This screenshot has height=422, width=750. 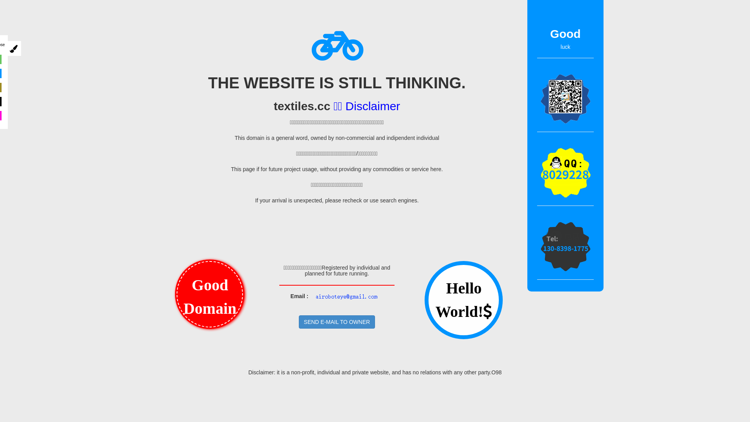 What do you see at coordinates (298, 322) in the screenshot?
I see `'SEND E-MAIL TO OWNER'` at bounding box center [298, 322].